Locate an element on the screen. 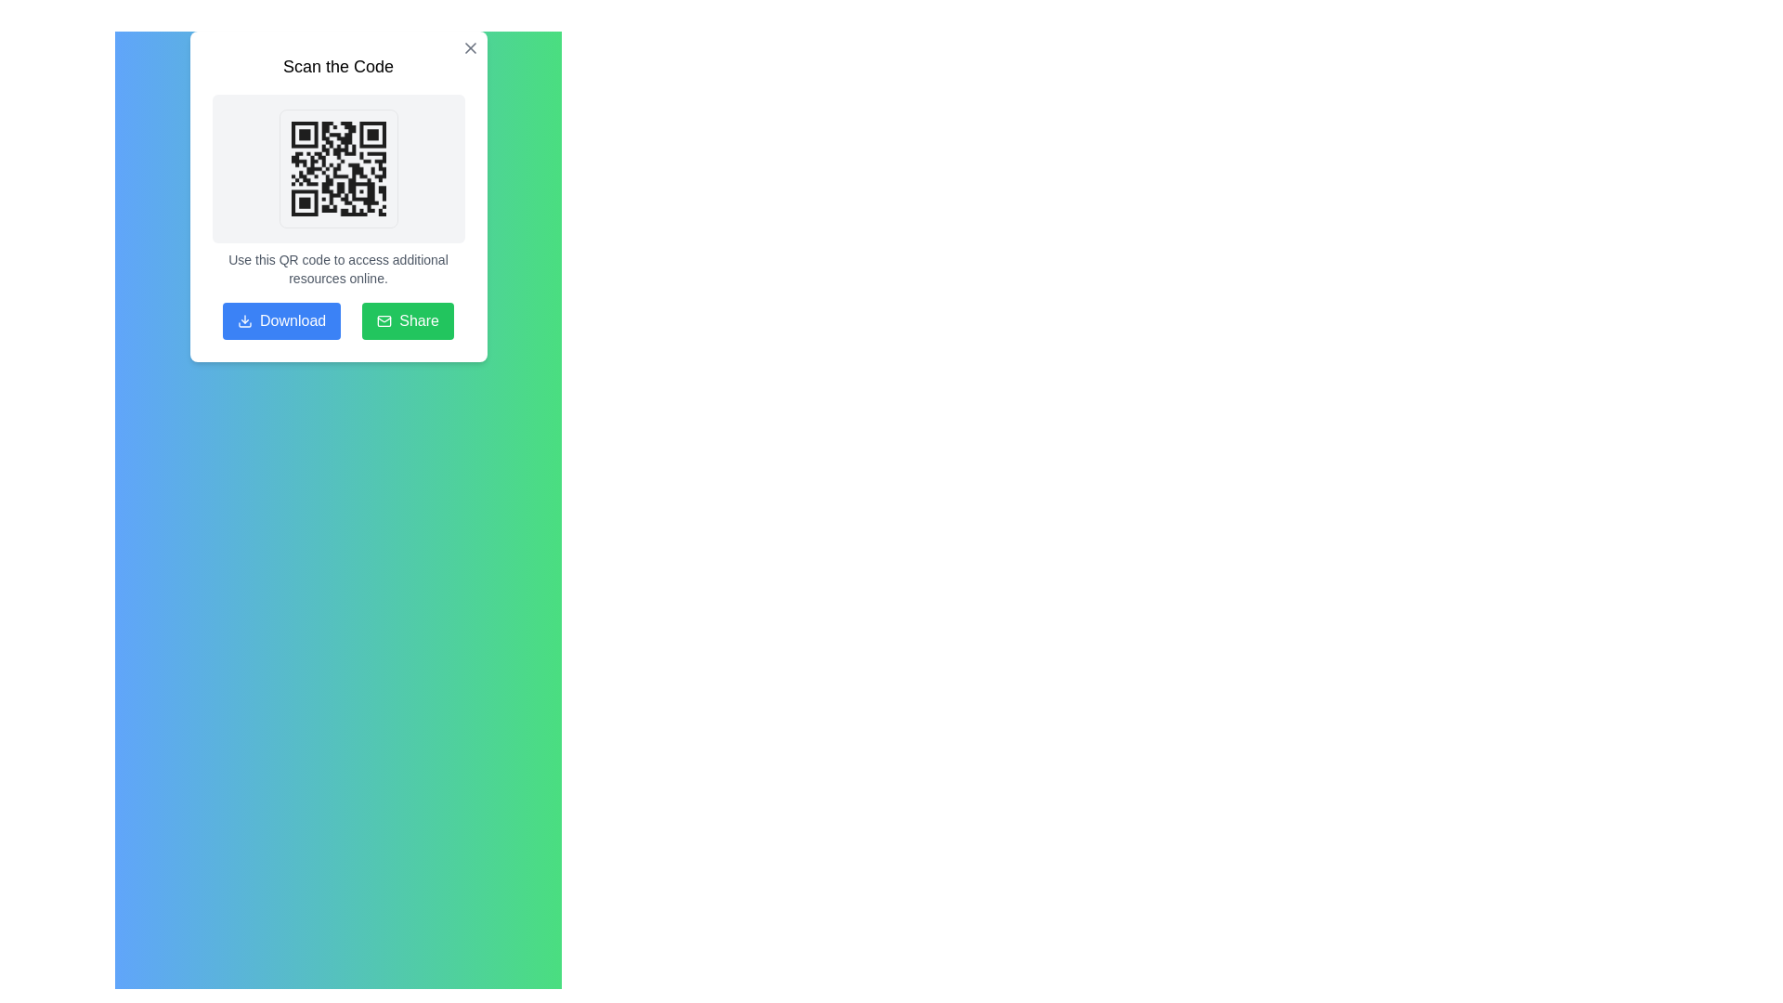 This screenshot has height=1003, width=1783. the text element providing additional information about the QR code, located below the QR code image and above the 'Download' and 'Share' buttons is located at coordinates (338, 268).